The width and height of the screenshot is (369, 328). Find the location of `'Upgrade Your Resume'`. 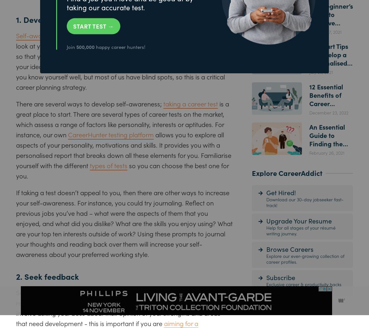

'Upgrade Your Resume' is located at coordinates (266, 220).